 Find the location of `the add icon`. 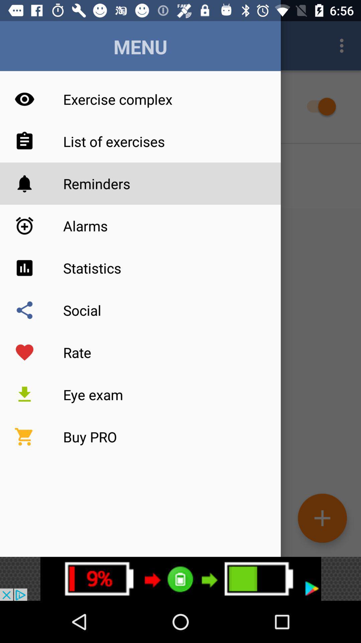

the add icon is located at coordinates (322, 518).